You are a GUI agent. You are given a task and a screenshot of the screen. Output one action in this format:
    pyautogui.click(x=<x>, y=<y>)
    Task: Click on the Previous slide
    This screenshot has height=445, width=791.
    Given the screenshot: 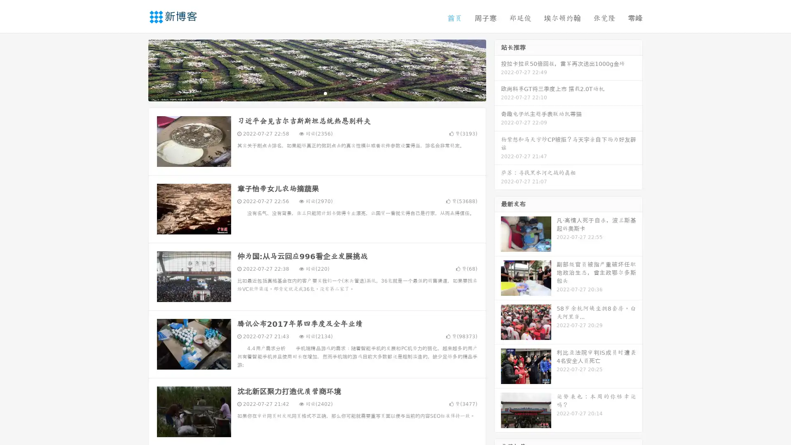 What is the action you would take?
    pyautogui.click(x=136, y=69)
    